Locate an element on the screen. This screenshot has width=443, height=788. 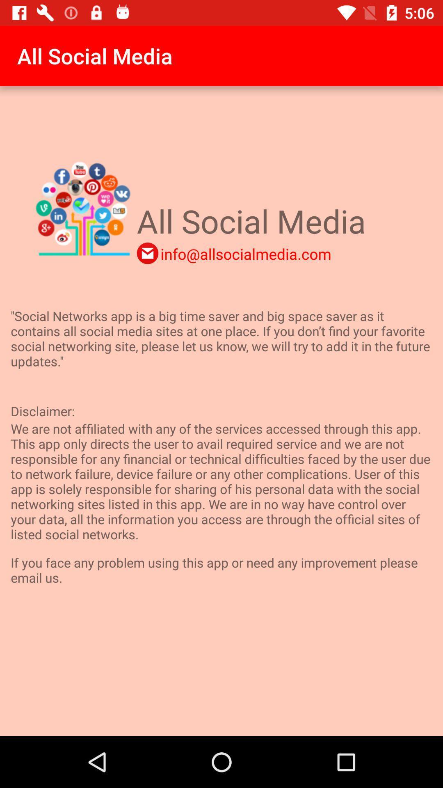
item below the all social media is located at coordinates (245, 253).